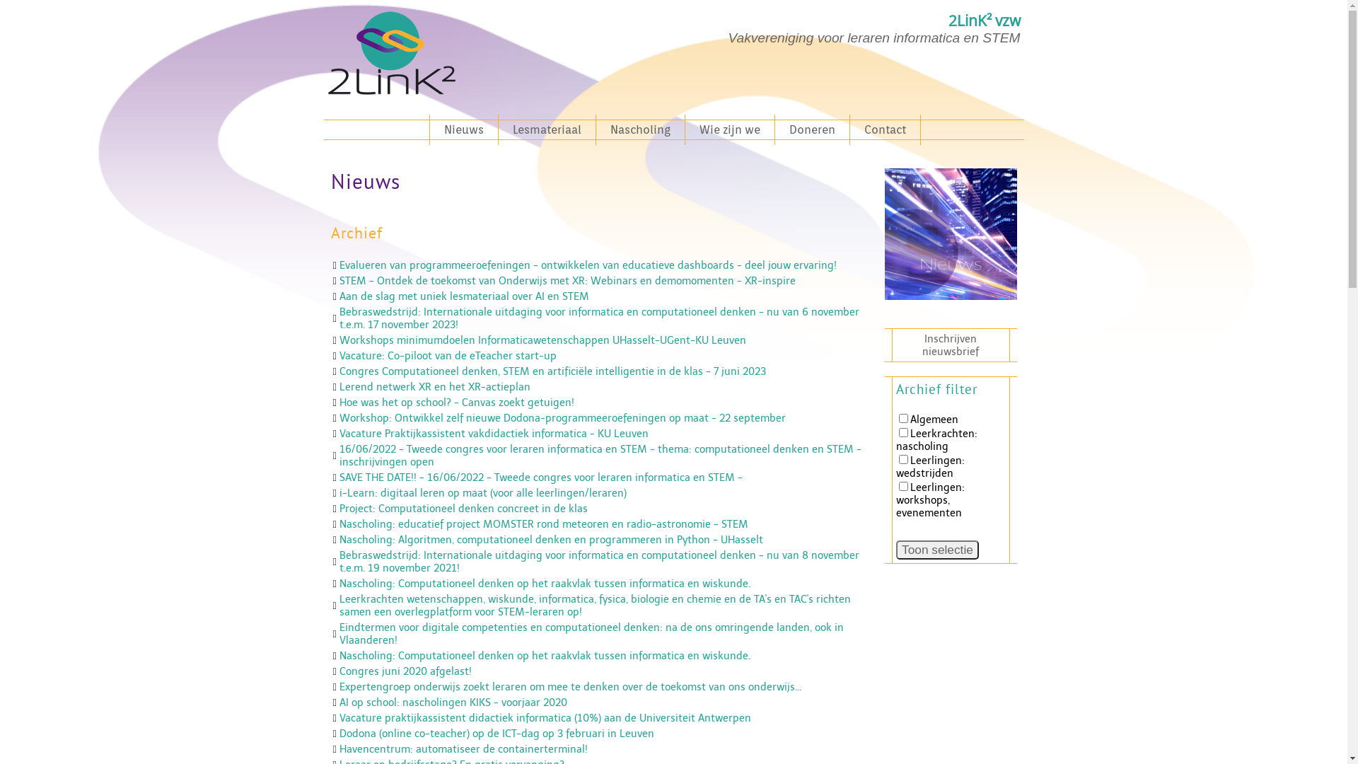 This screenshot has height=764, width=1358. I want to click on 'Contact', so click(884, 129).